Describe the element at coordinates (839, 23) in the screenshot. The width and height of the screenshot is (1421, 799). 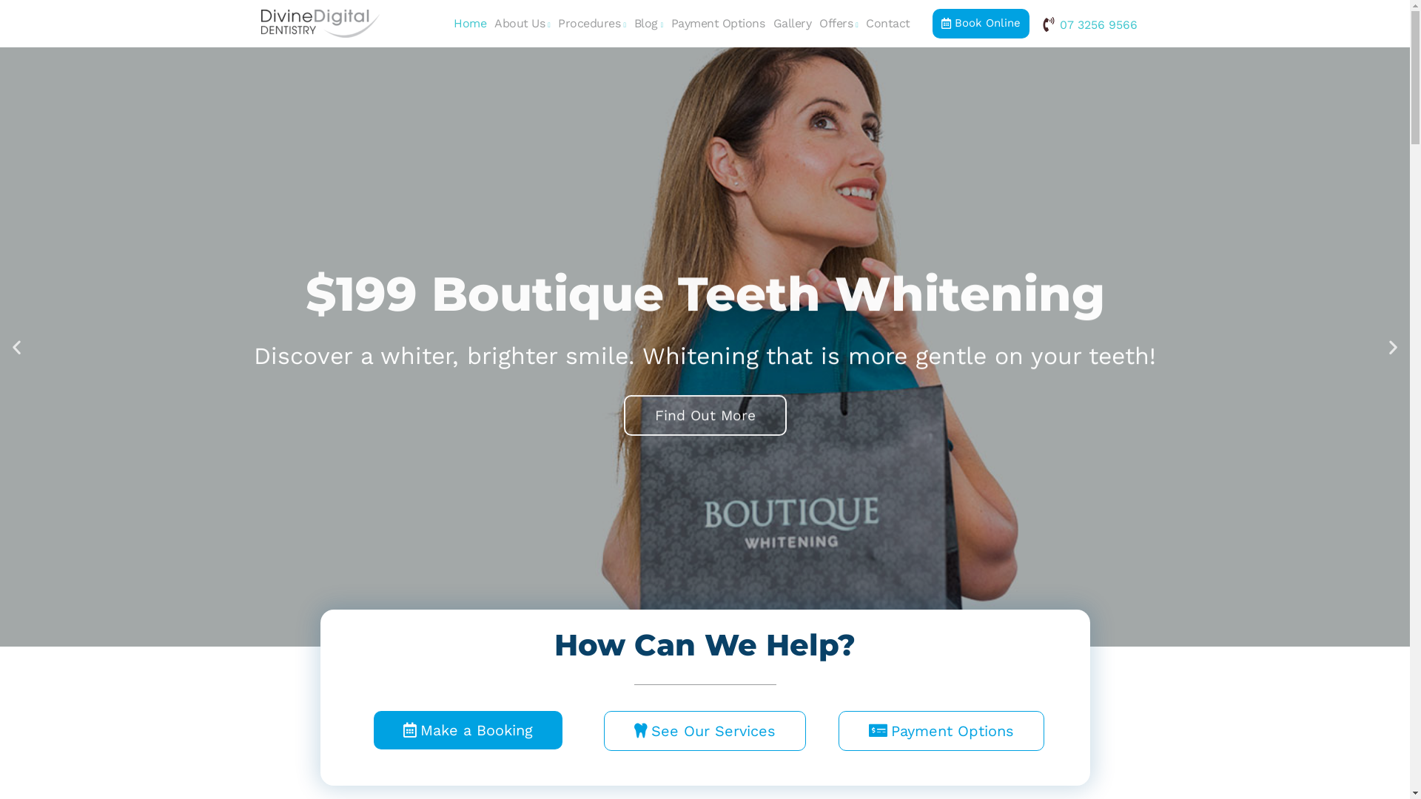
I see `'Offers'` at that location.